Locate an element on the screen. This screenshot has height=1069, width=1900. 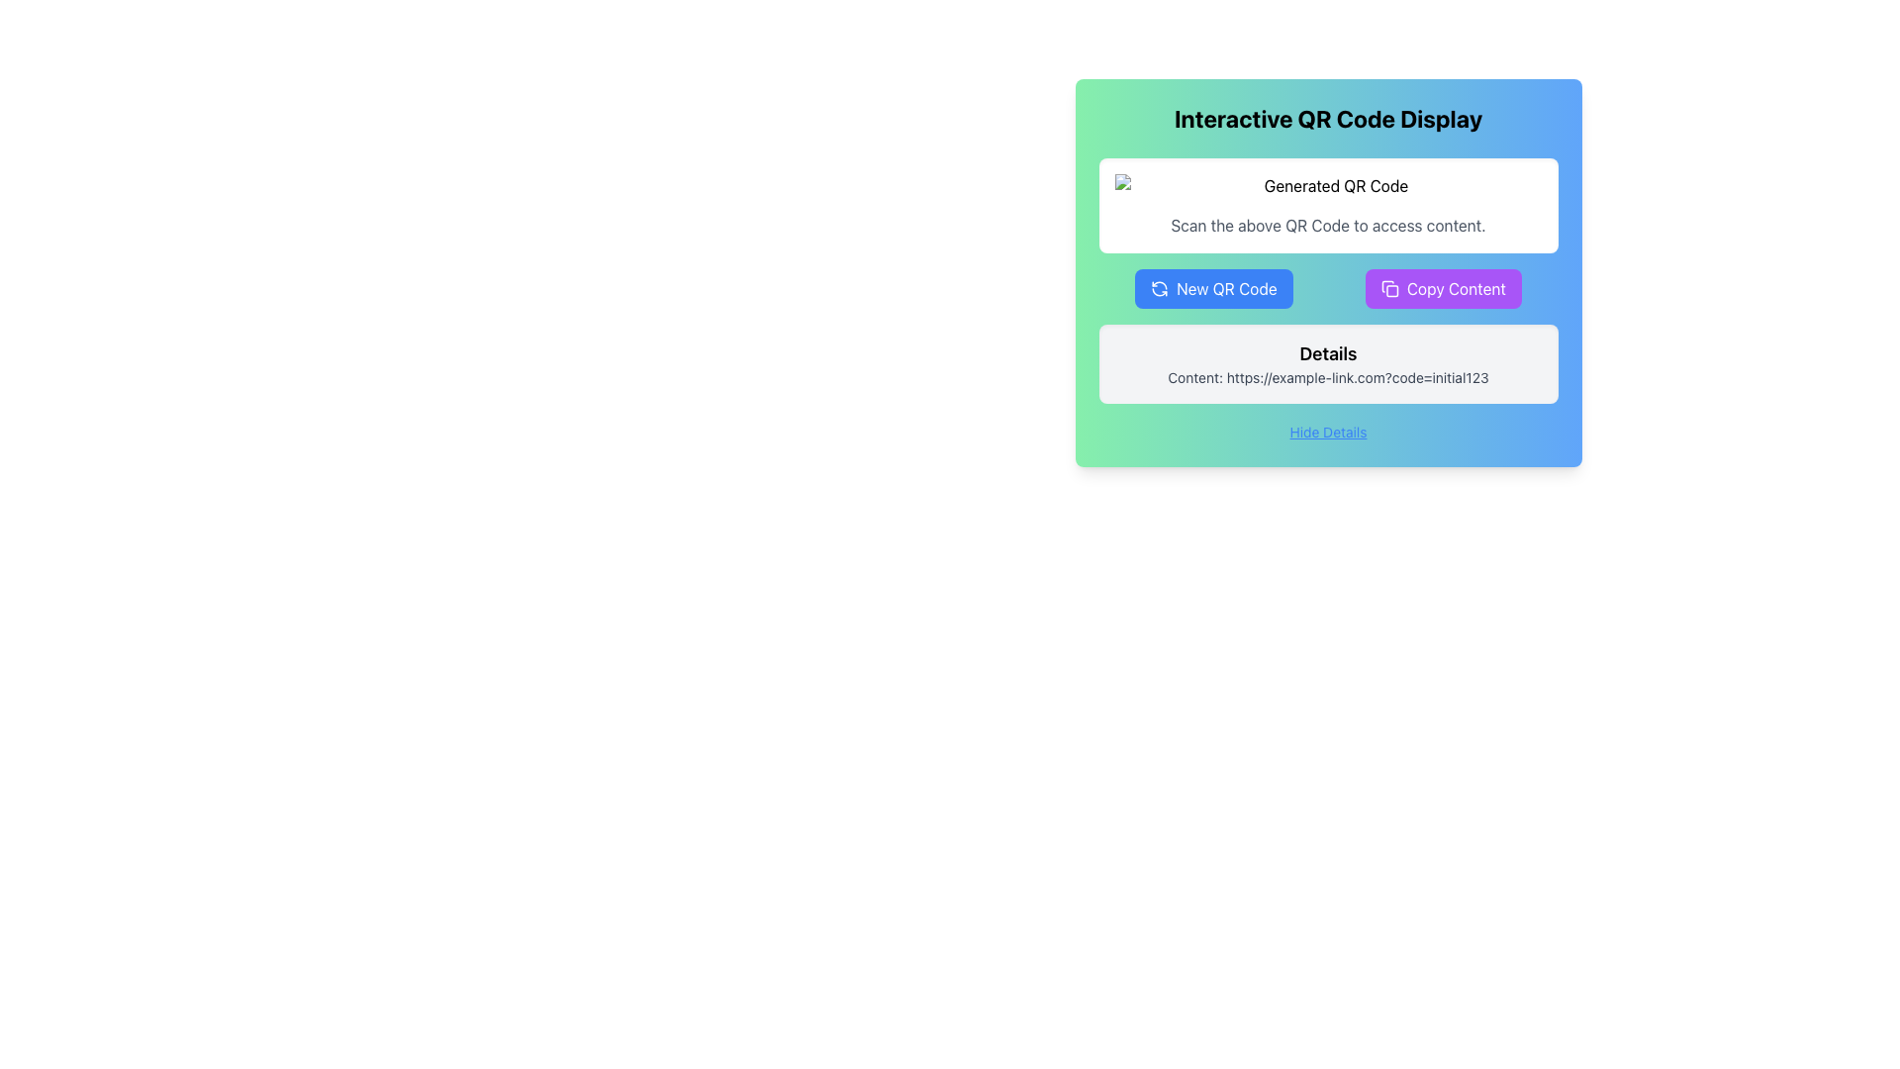
the 'New QR Code' button is located at coordinates (1225, 289).